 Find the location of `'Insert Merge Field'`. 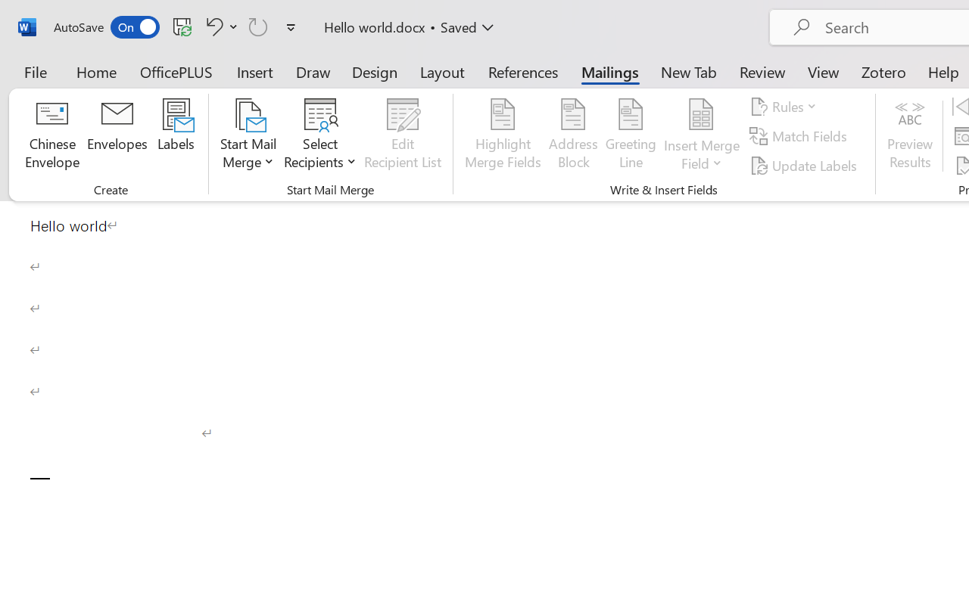

'Insert Merge Field' is located at coordinates (701, 114).